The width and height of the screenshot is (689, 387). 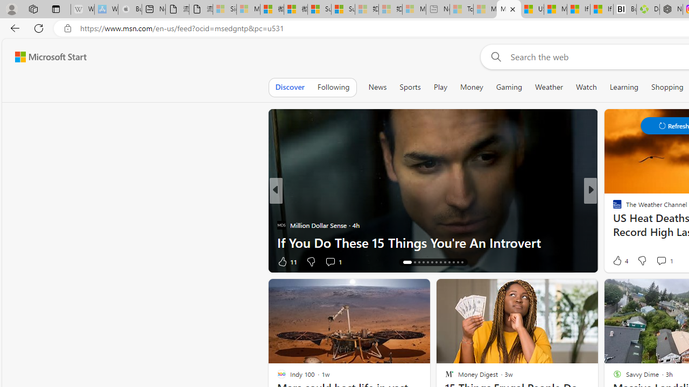 I want to click on '115 Like', so click(x=620, y=261).